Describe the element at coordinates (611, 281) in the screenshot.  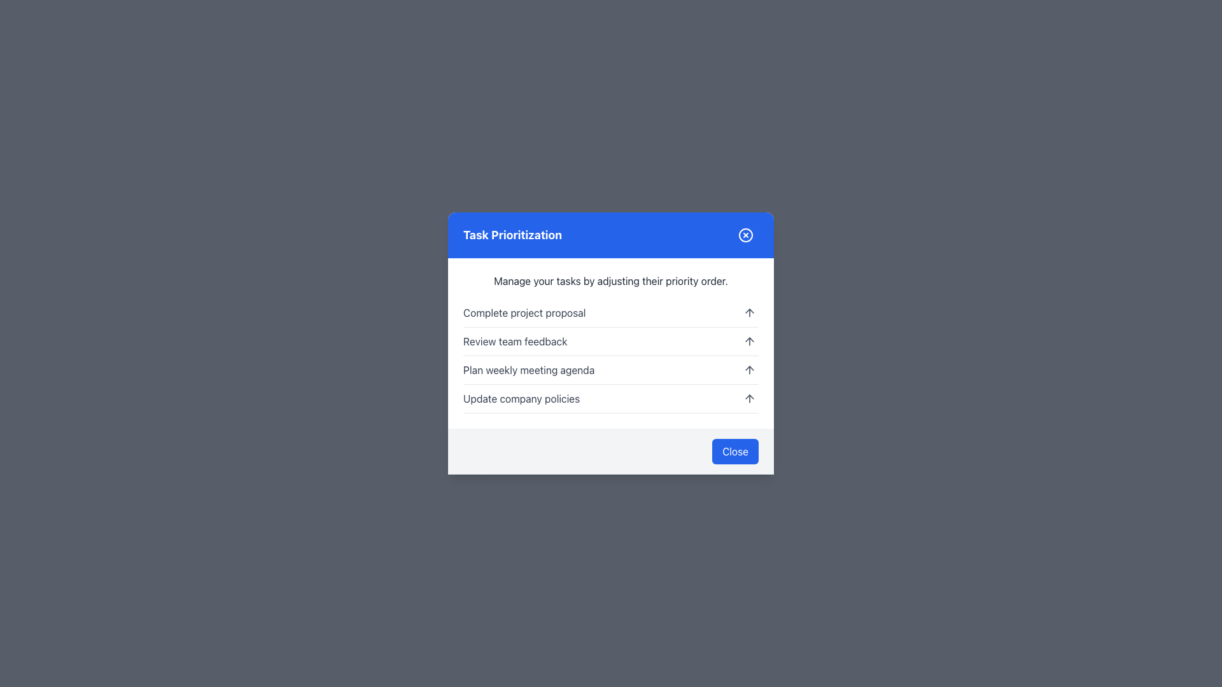
I see `the static text that reads 'Manage your tasks by adjusting their priority order.' positioned directly below the blue header labeled 'Task Prioritization.'` at that location.